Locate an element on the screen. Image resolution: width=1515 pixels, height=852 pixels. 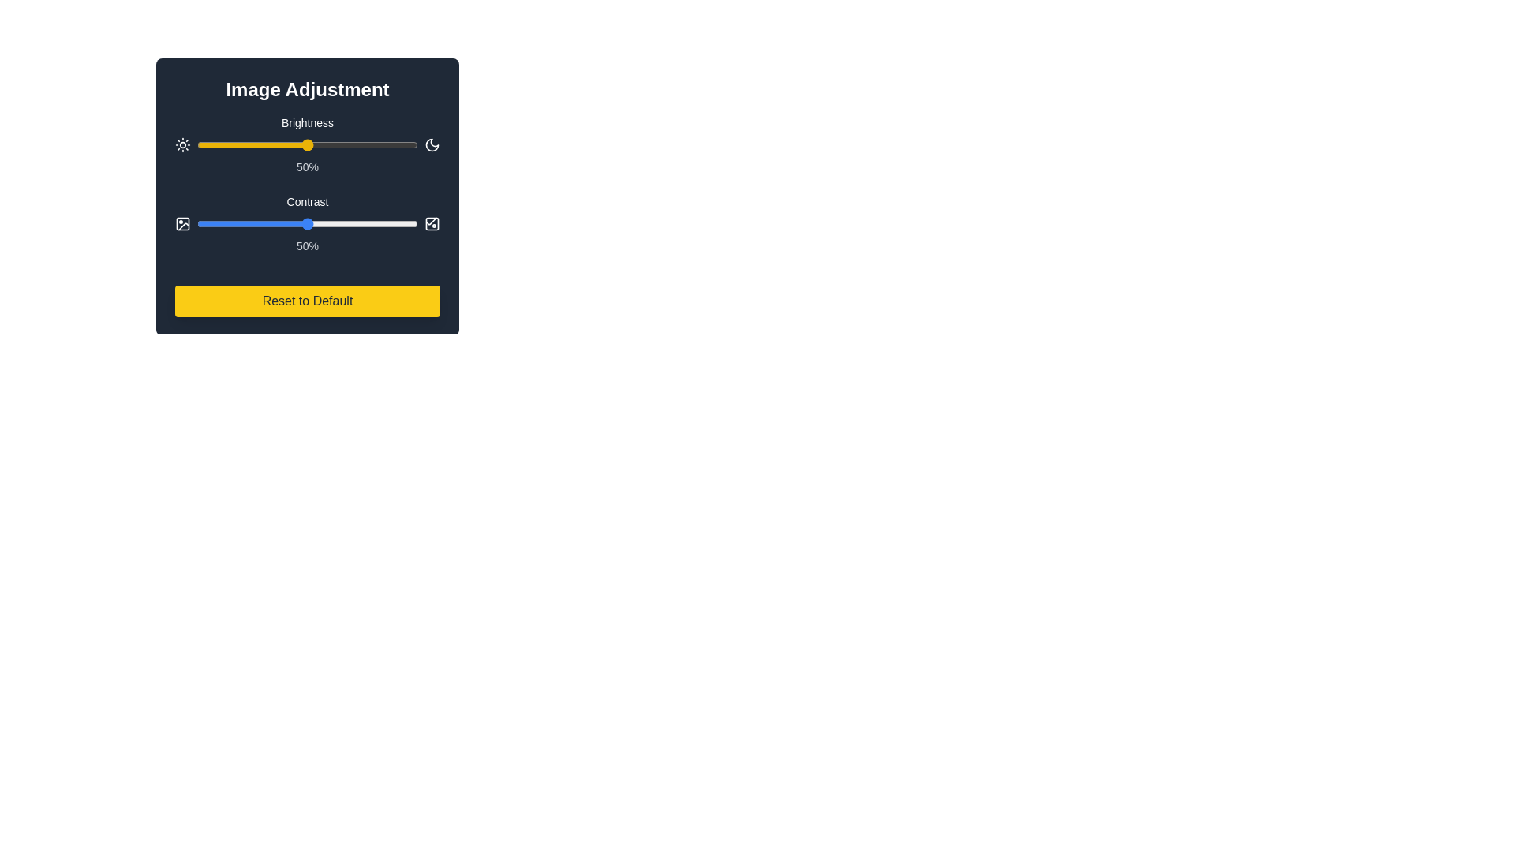
the contrast level is located at coordinates (357, 224).